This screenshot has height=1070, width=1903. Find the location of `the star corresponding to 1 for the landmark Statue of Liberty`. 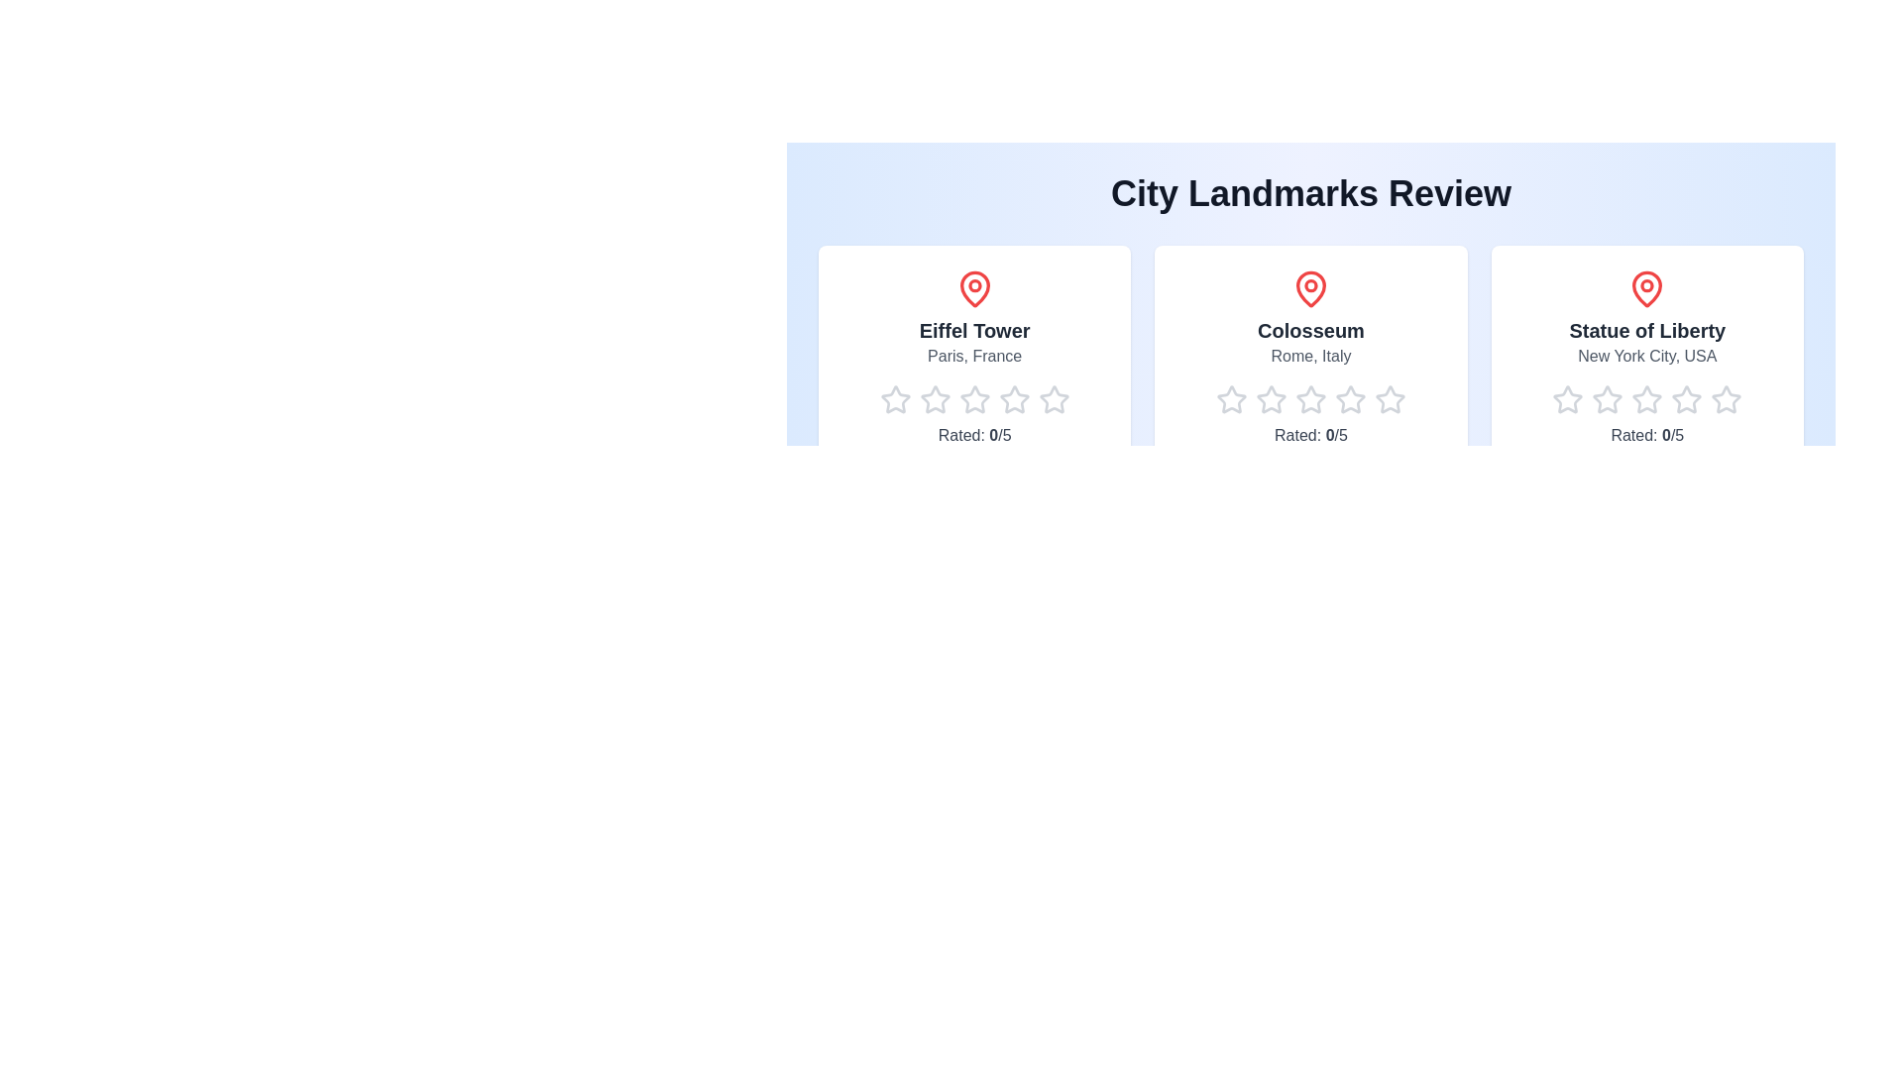

the star corresponding to 1 for the landmark Statue of Liberty is located at coordinates (1551, 400).